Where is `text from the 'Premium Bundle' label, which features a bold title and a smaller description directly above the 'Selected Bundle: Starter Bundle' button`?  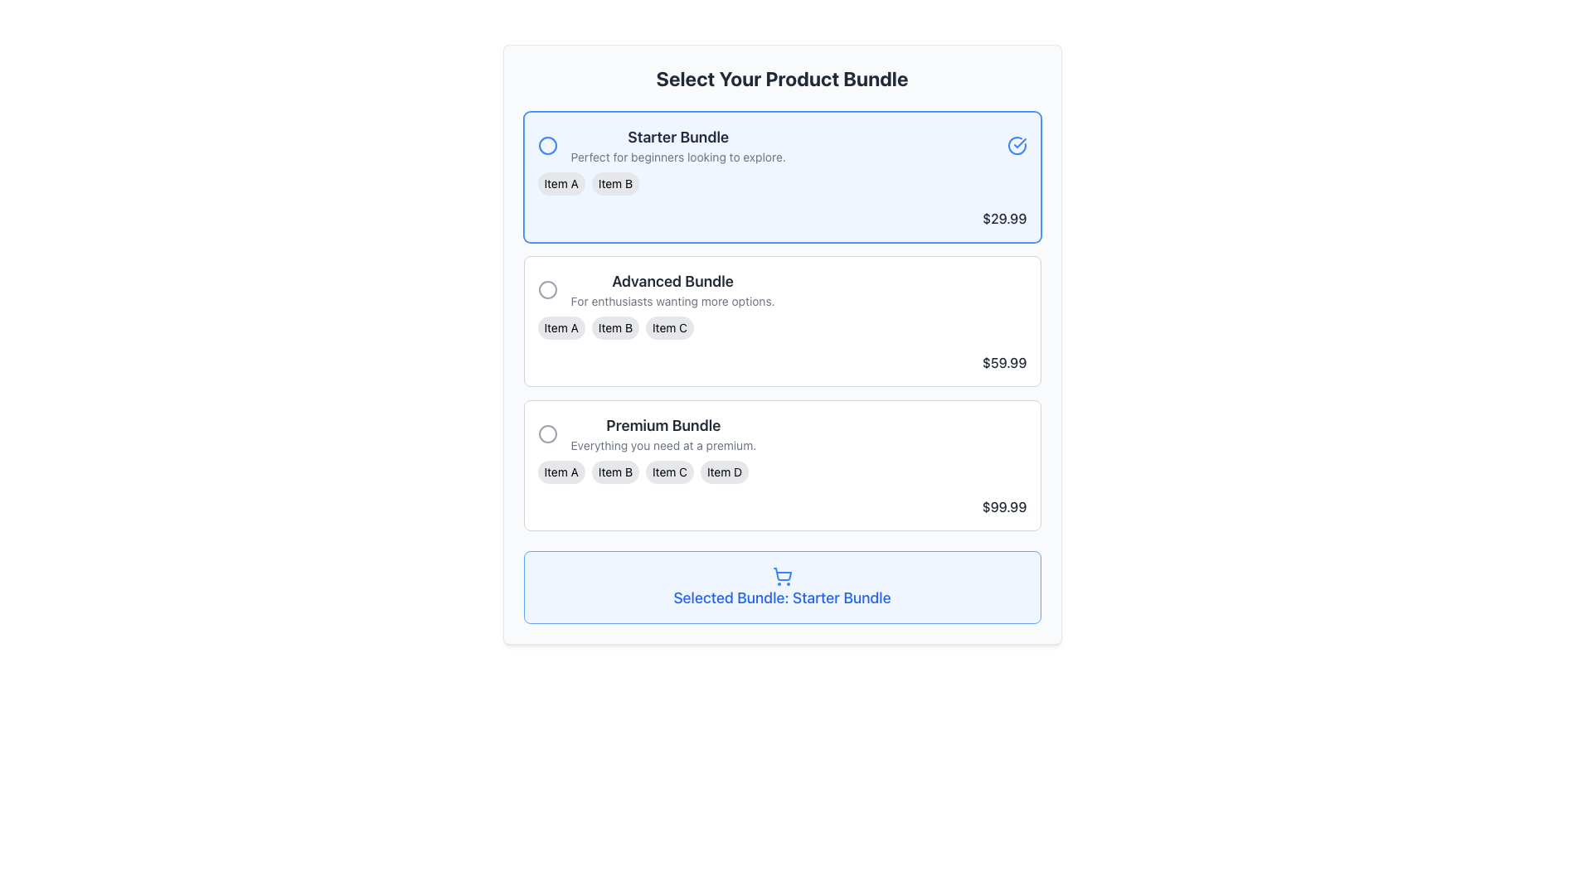 text from the 'Premium Bundle' label, which features a bold title and a smaller description directly above the 'Selected Bundle: Starter Bundle' button is located at coordinates (663, 433).